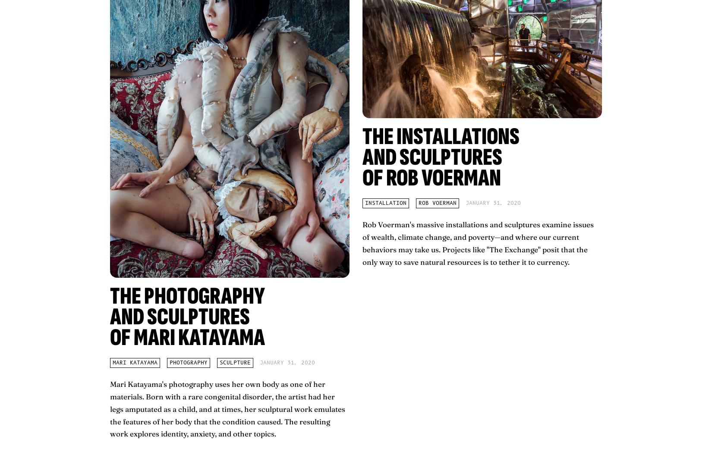 The height and width of the screenshot is (452, 712). What do you see at coordinates (234, 363) in the screenshot?
I see `'sculpture'` at bounding box center [234, 363].